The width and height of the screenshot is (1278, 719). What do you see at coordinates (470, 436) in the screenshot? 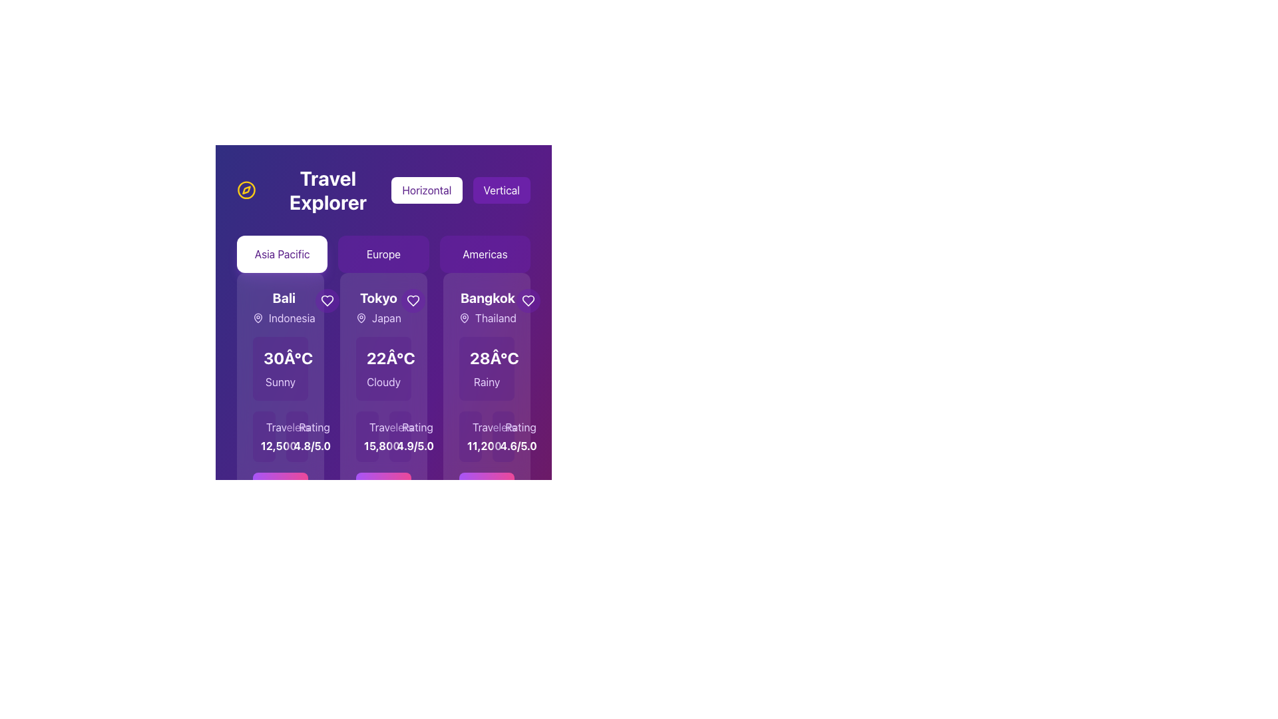
I see `the text block displaying 'Travelers' with the number '11,200', styled in light purple and bold white font, positioned in the 'Asia Pacific' section underneath 'Bangkok'` at bounding box center [470, 436].